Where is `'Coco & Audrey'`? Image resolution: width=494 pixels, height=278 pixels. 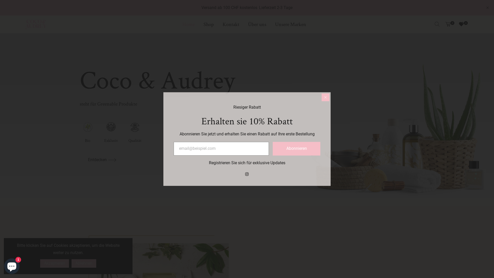
'Coco & Audrey' is located at coordinates (35, 24).